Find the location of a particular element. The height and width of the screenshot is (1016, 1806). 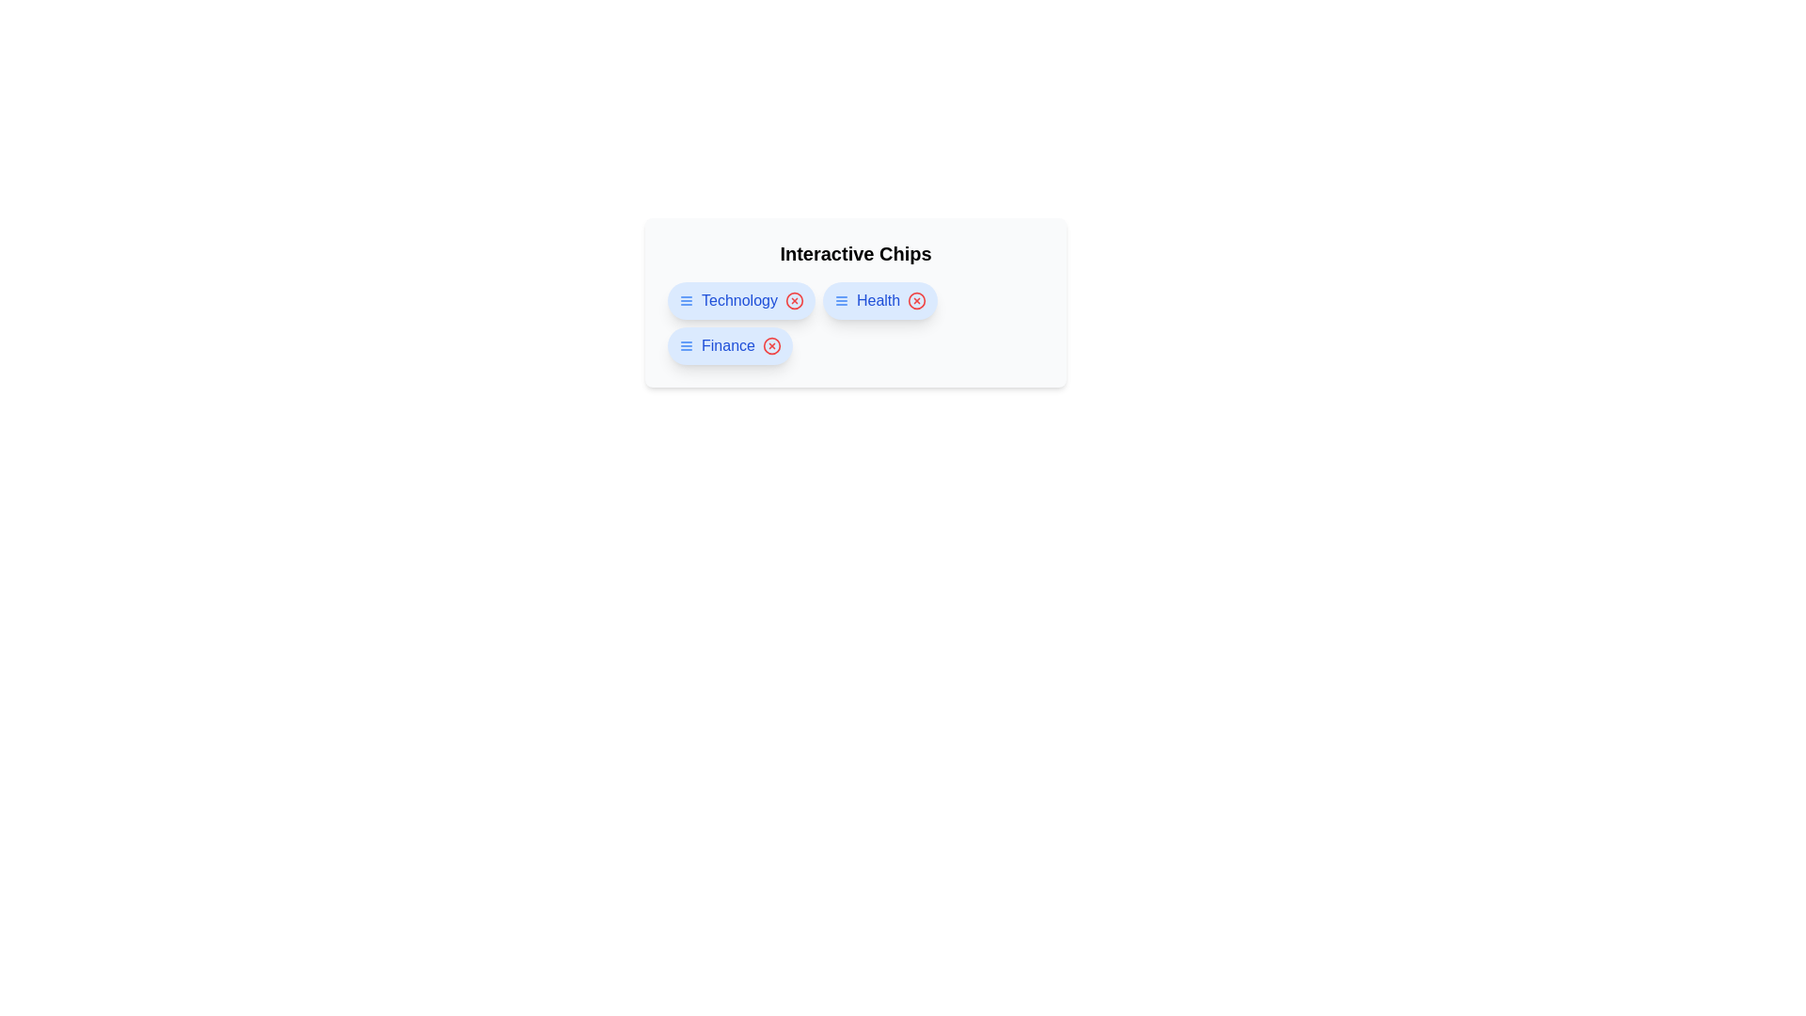

the close button of the chip labeled Finance to remove it is located at coordinates (771, 345).